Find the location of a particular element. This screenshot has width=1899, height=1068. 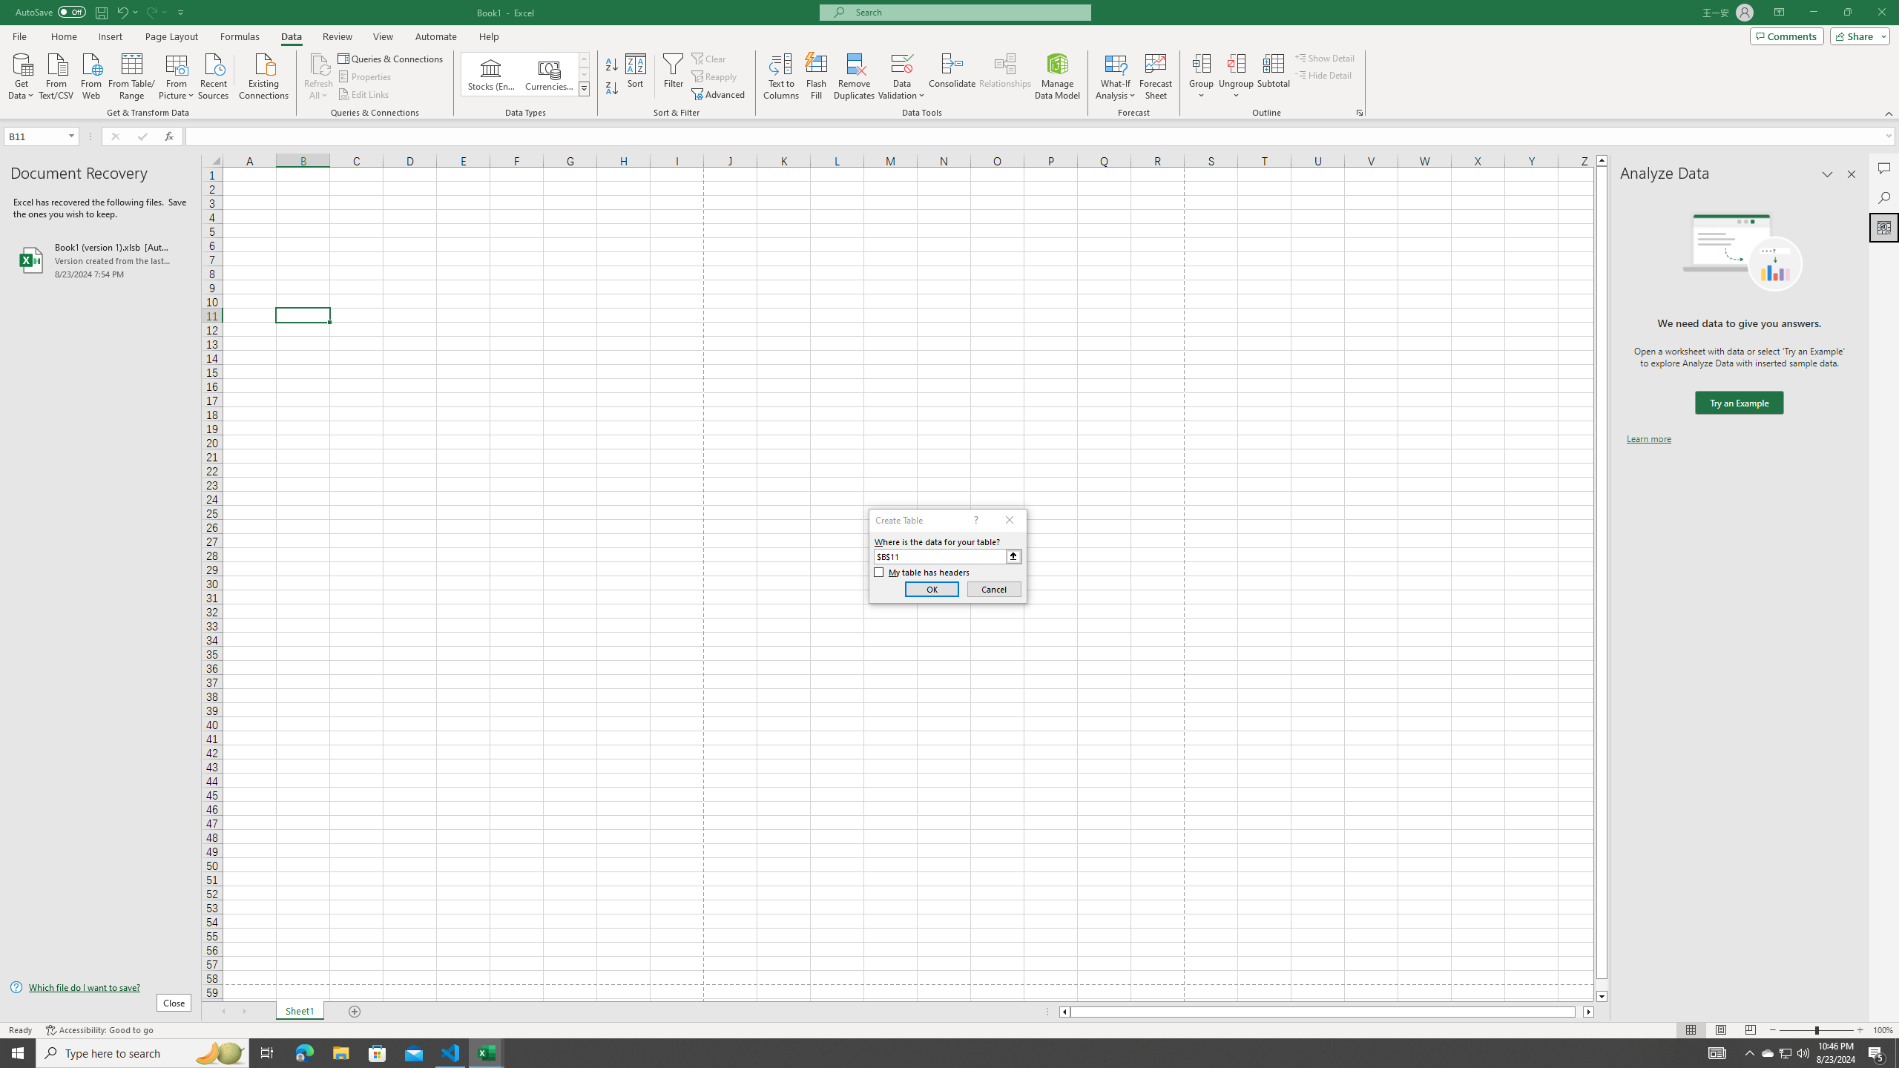

'Search' is located at coordinates (1883, 198).